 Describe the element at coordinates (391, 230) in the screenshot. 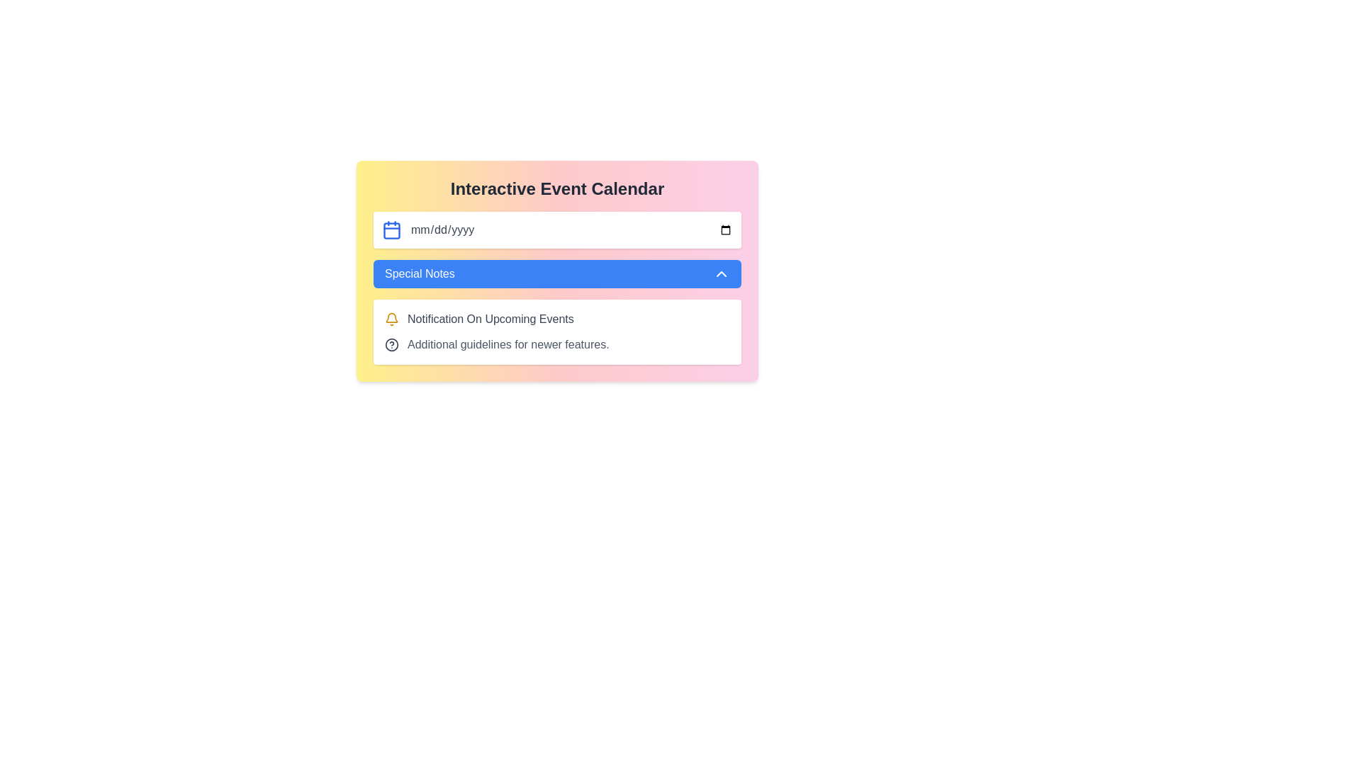

I see `the calendar icon located at the top-left of the input box titled 'mm/dd/yyyy', which serves as a graphical representation of a calendar` at that location.